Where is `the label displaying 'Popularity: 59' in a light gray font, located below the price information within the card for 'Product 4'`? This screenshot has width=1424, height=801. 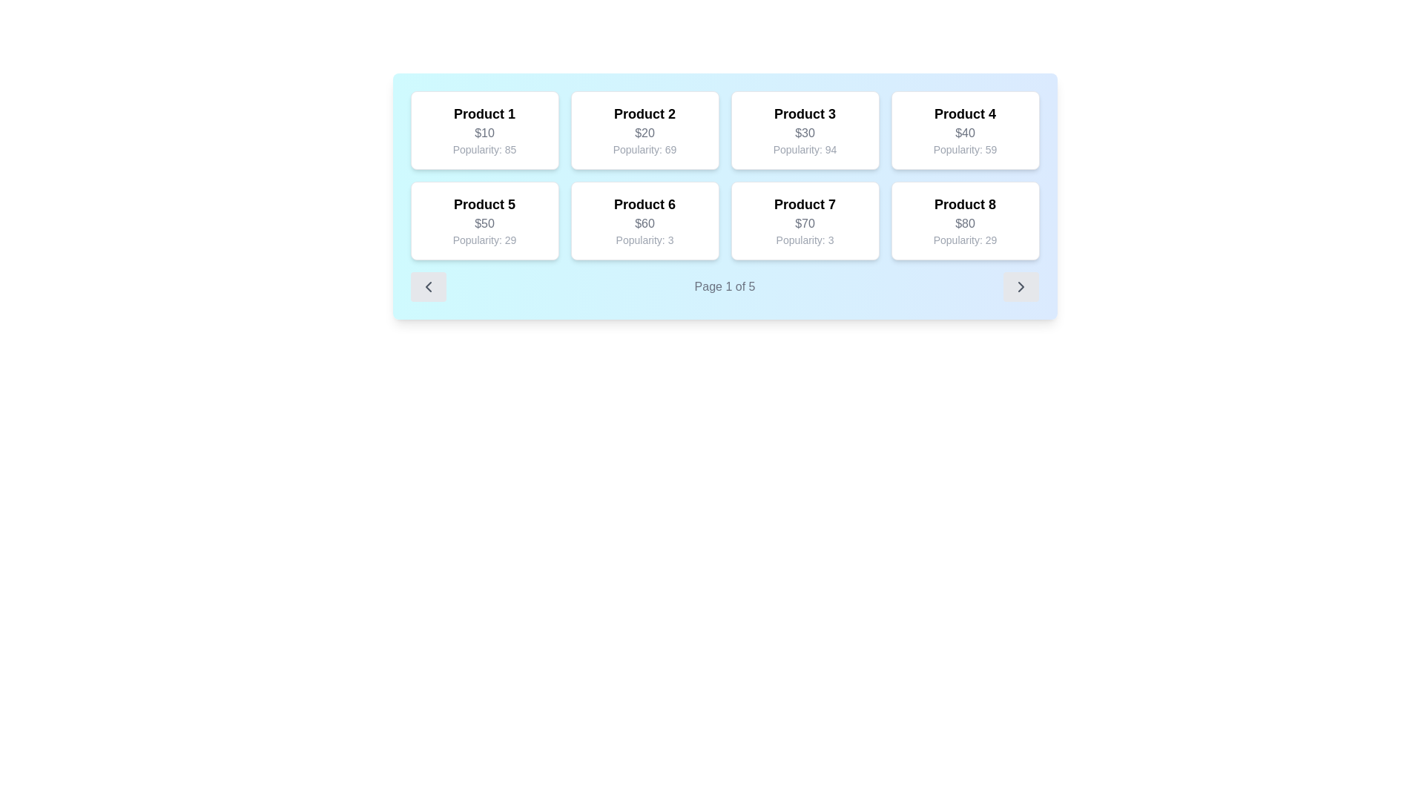 the label displaying 'Popularity: 59' in a light gray font, located below the price information within the card for 'Product 4' is located at coordinates (965, 149).